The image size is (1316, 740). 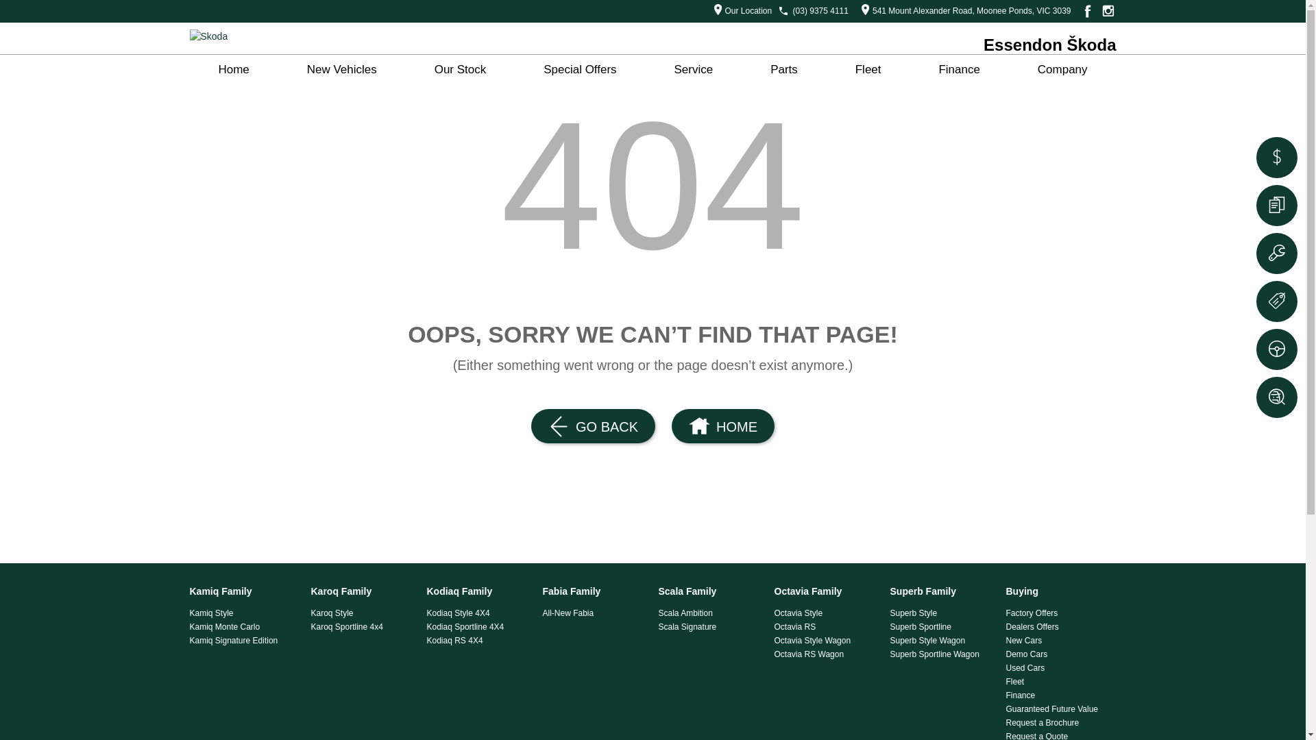 What do you see at coordinates (1058, 708) in the screenshot?
I see `'Guaranteed Future Value'` at bounding box center [1058, 708].